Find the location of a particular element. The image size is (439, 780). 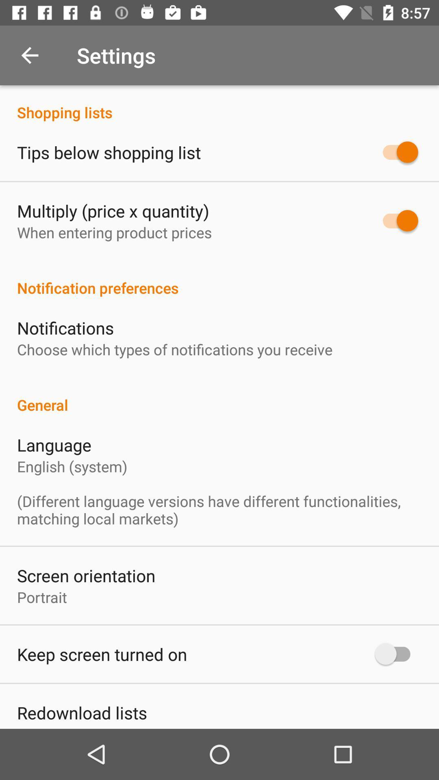

multiply price x item is located at coordinates (113, 210).